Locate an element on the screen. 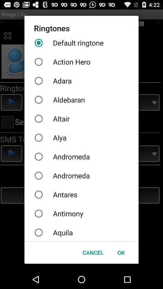 The width and height of the screenshot is (163, 289). icon next to the ok is located at coordinates (93, 253).